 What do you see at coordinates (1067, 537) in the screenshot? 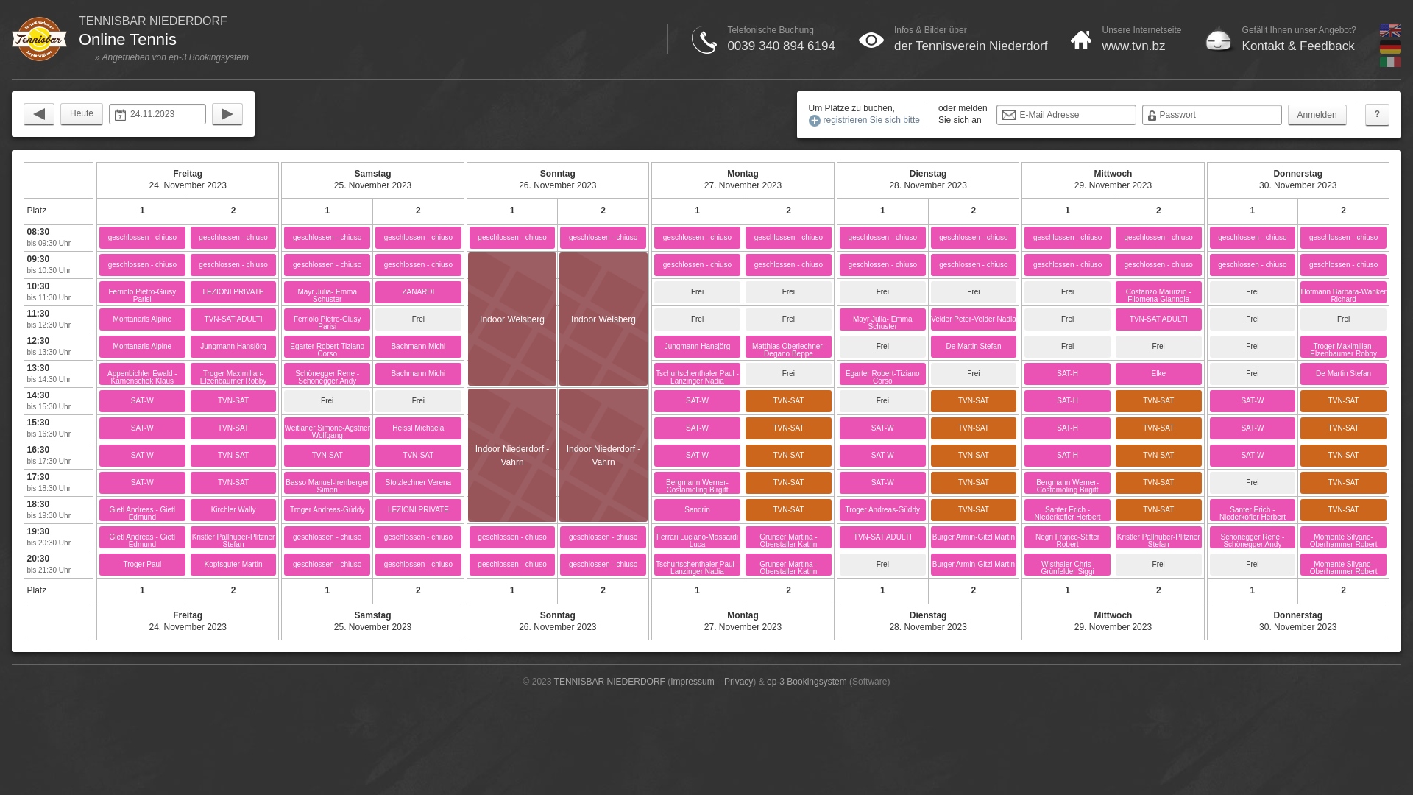
I see `'Negri Franco-Stifter Robert'` at bounding box center [1067, 537].